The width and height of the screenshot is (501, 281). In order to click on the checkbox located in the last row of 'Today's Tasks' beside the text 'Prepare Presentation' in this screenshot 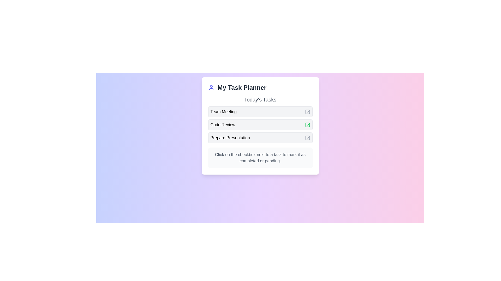, I will do `click(307, 137)`.